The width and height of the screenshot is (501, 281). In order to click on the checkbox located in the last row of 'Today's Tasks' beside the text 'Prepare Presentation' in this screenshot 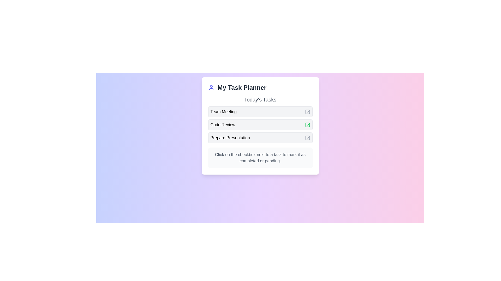, I will do `click(307, 137)`.